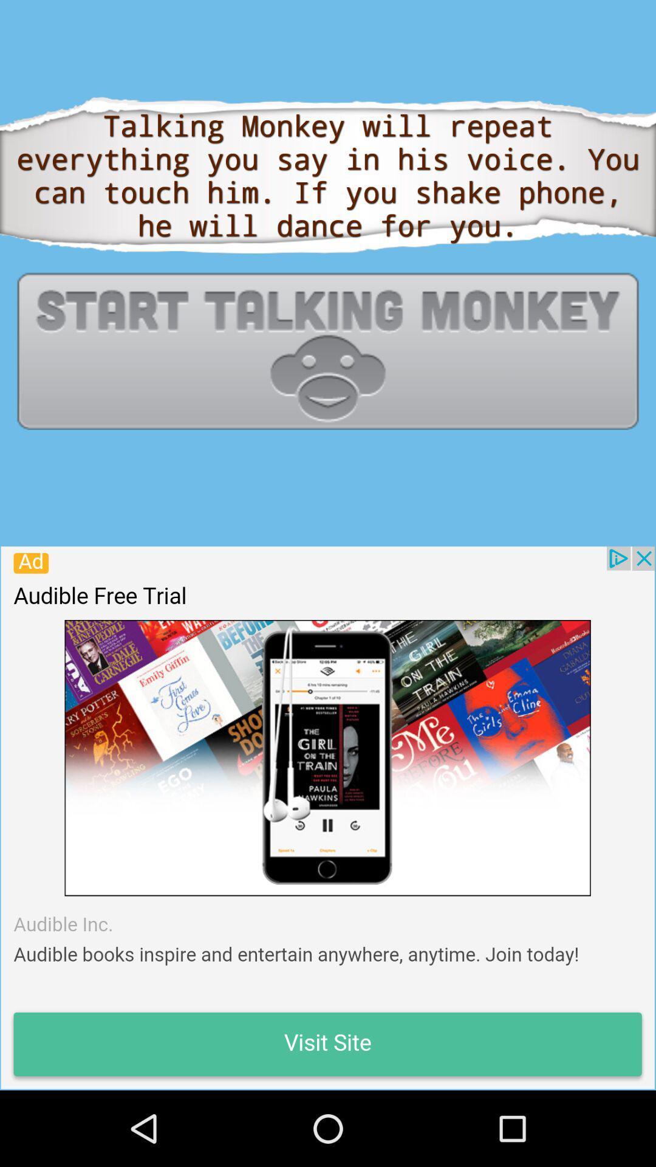  I want to click on advetisement, so click(327, 818).